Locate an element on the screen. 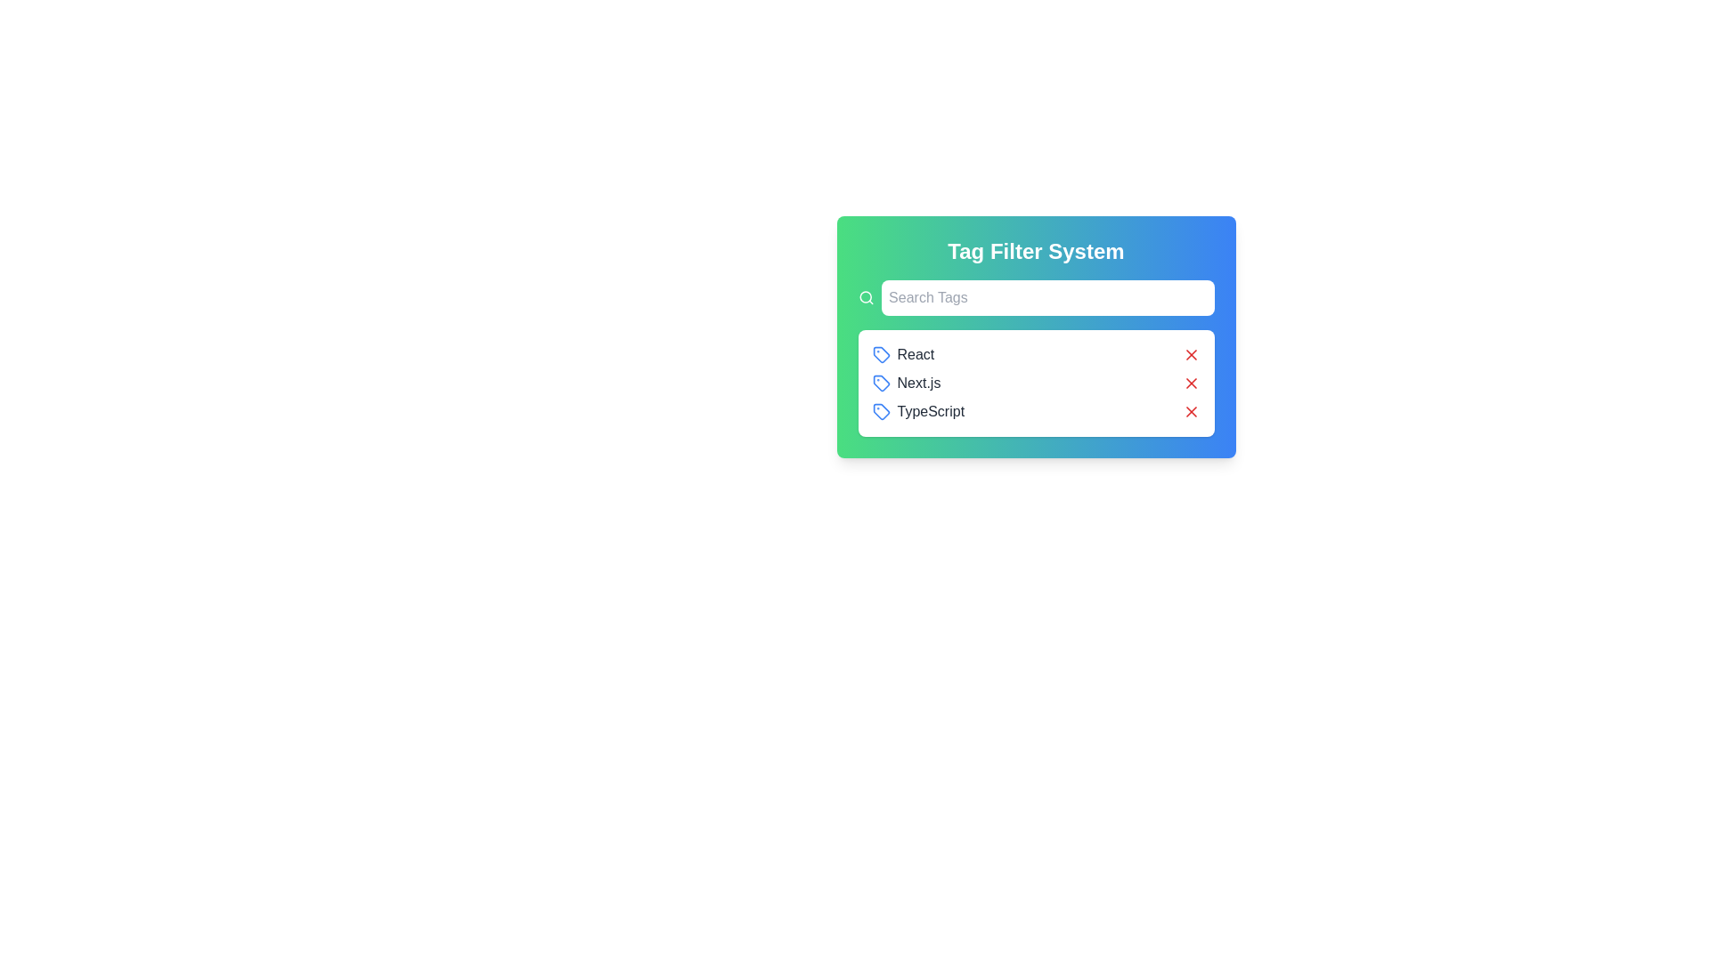 The width and height of the screenshot is (1710, 961). the delete button for the 'TypeScript' tag is located at coordinates (1191, 411).